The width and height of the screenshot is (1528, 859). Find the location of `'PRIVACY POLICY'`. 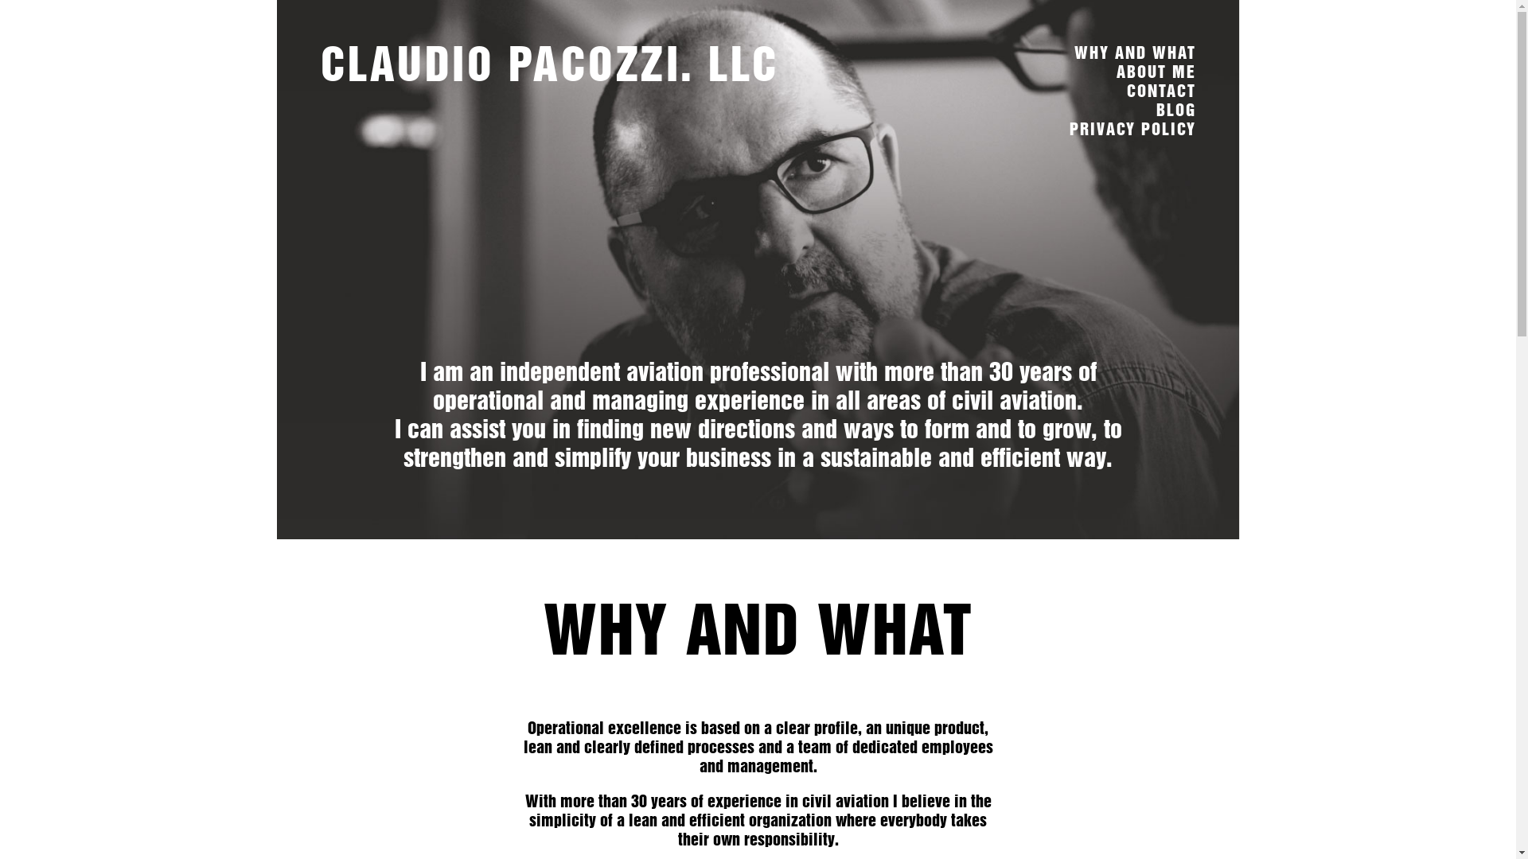

'PRIVACY POLICY' is located at coordinates (1132, 128).